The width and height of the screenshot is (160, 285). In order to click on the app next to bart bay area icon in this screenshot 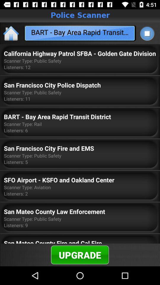, I will do `click(147, 33)`.